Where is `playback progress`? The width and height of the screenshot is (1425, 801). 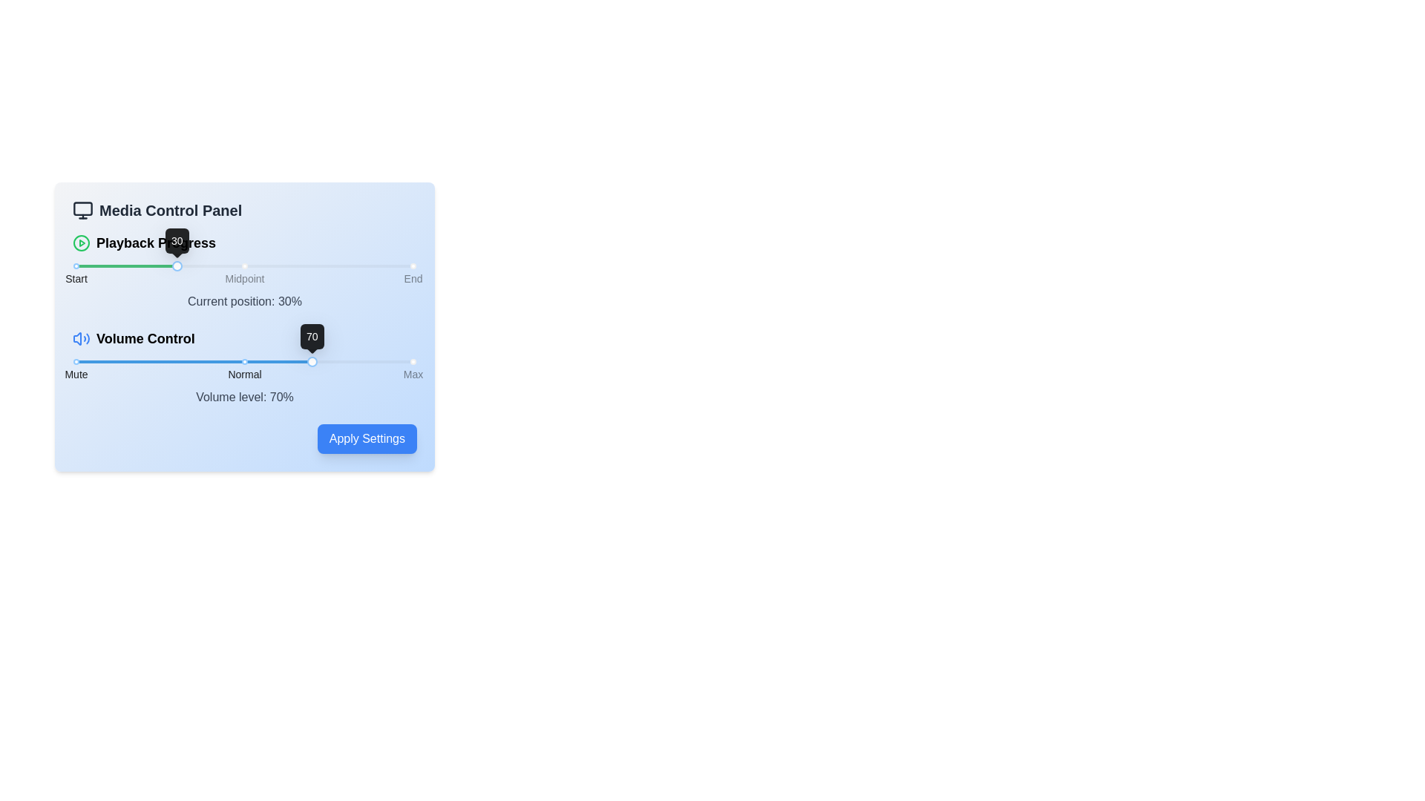
playback progress is located at coordinates (301, 265).